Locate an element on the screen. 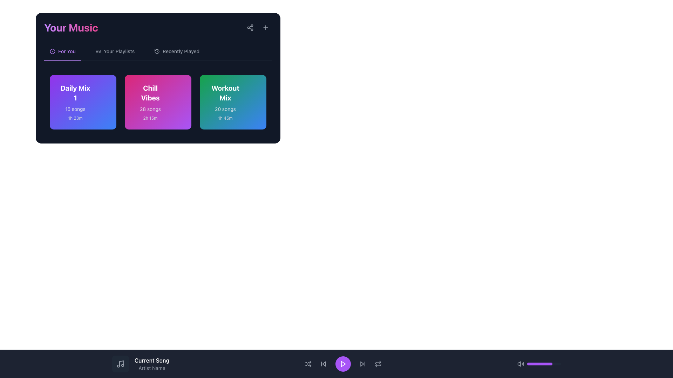 Image resolution: width=673 pixels, height=378 pixels. the content box displaying music playlist information titled 'Daily Mix 1', which includes details such as '15 songs' and '1h 23m' is located at coordinates (83, 102).